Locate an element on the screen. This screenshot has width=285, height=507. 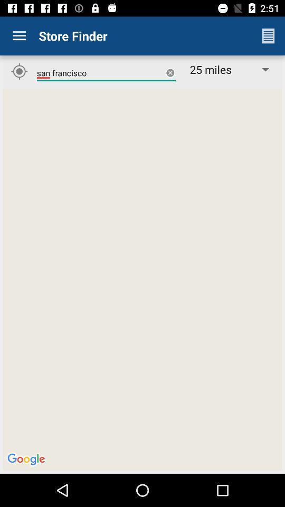
the location_crosshair icon is located at coordinates (19, 71).